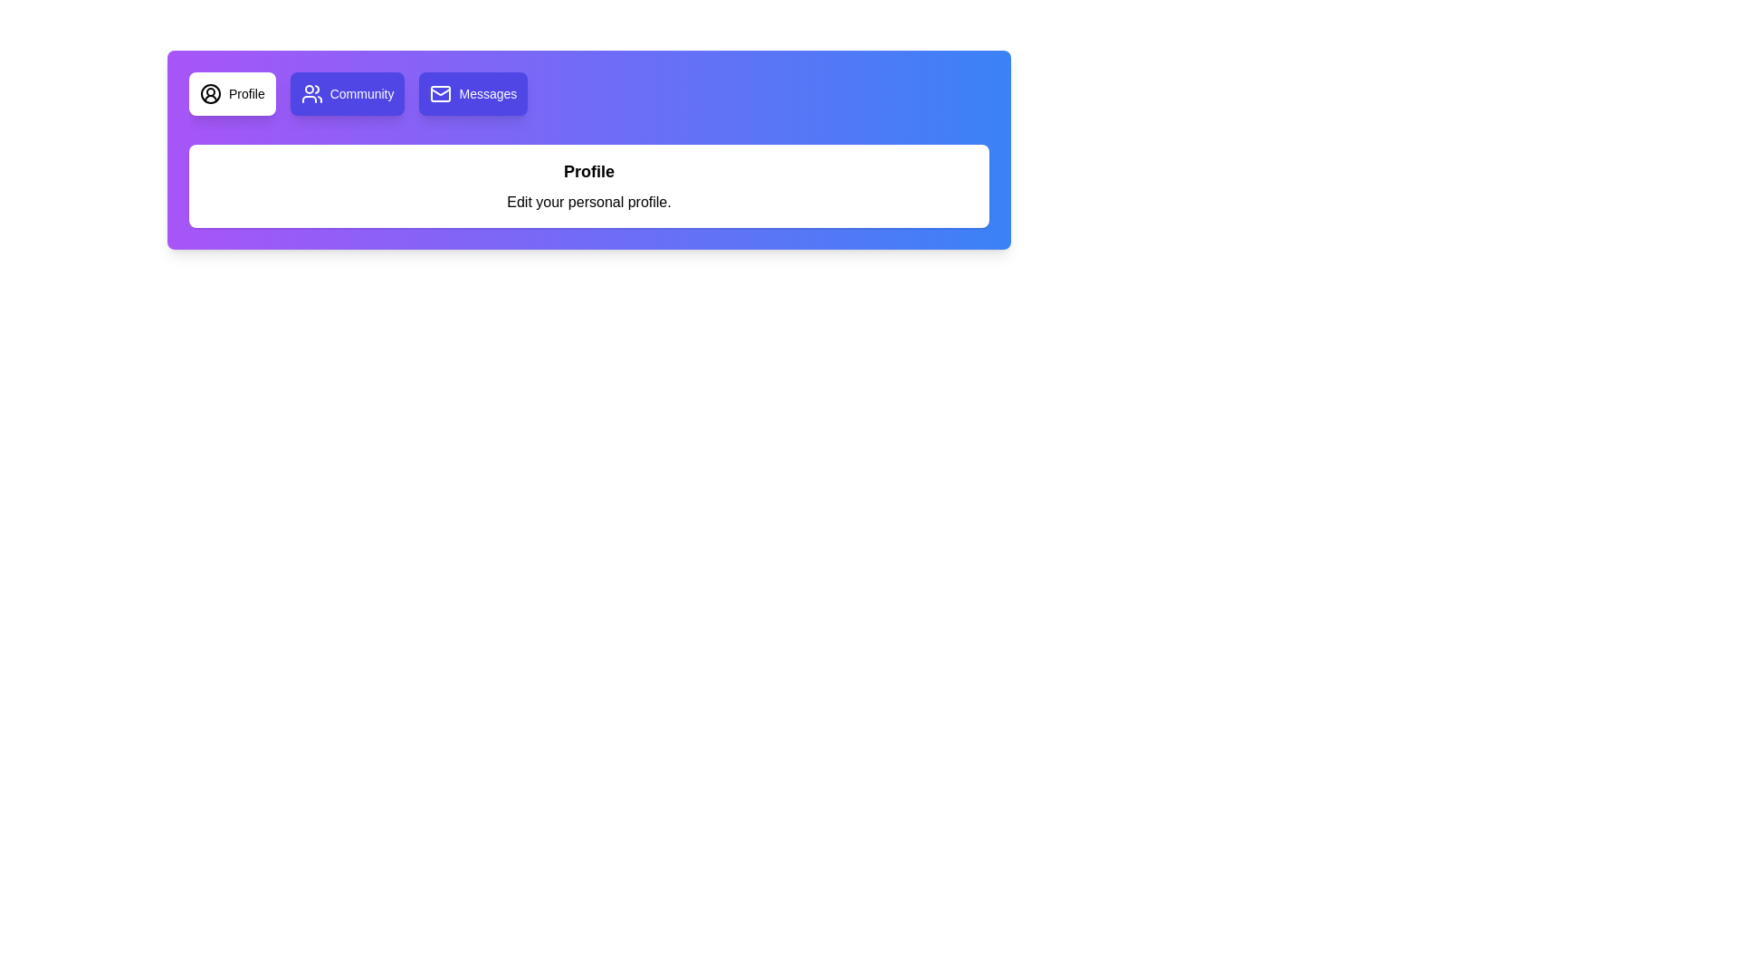 The width and height of the screenshot is (1738, 977). Describe the element at coordinates (231, 94) in the screenshot. I see `the tab labeled Profile to view its content` at that location.